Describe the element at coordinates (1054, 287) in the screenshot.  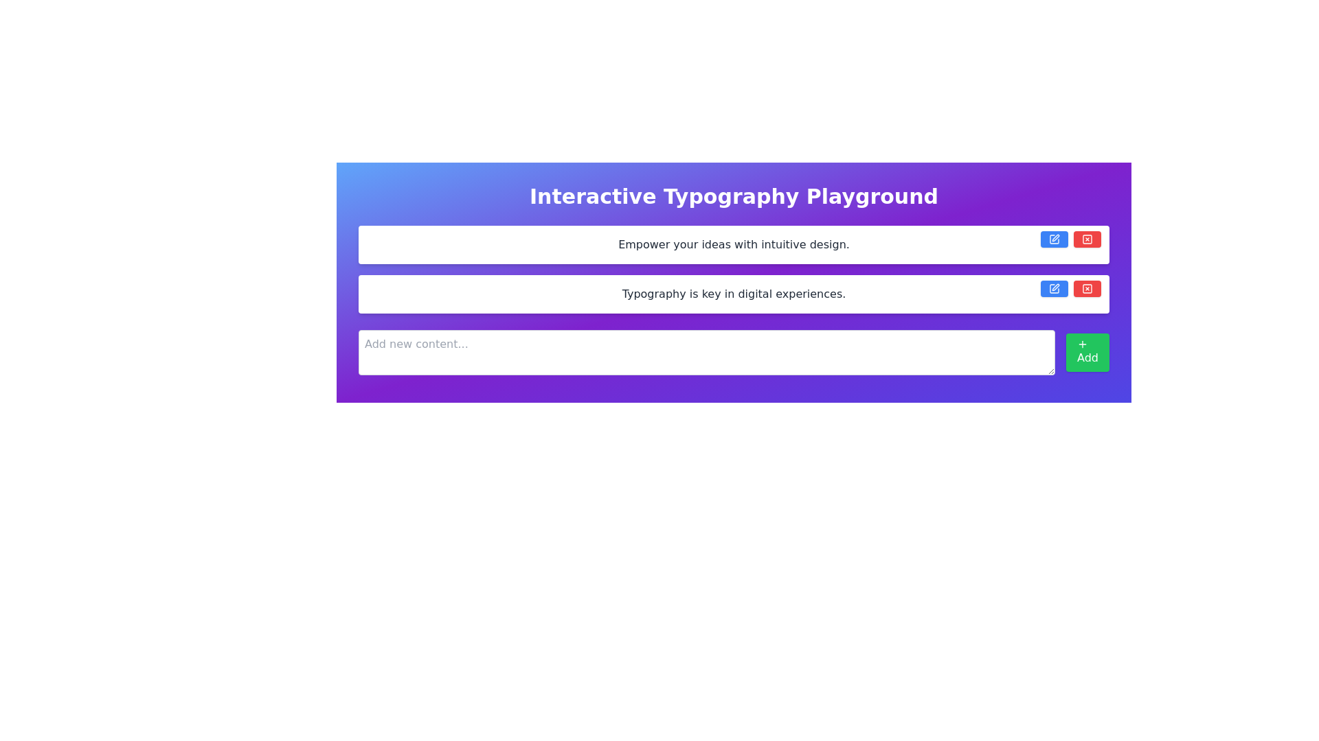
I see `the square pen icon with a blue background, which is located within the button associated with the second input field text box` at that location.